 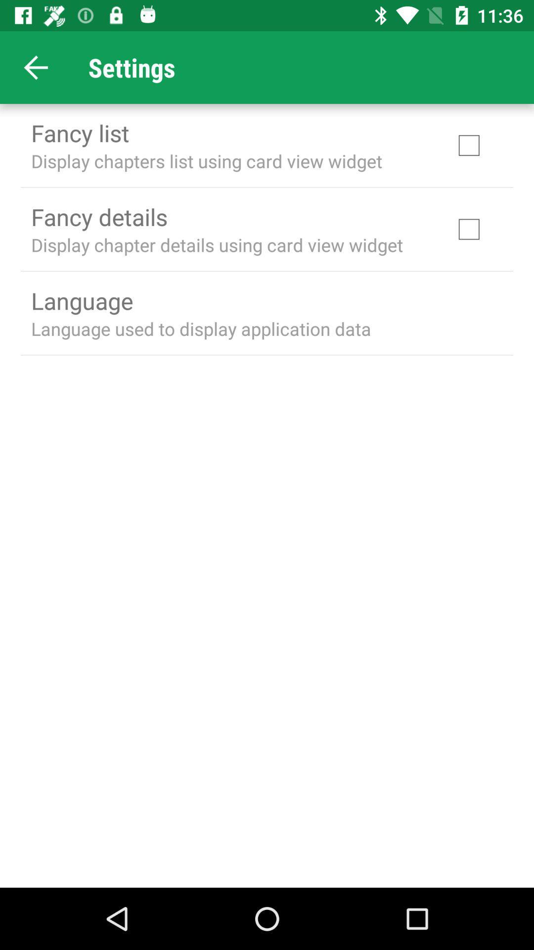 What do you see at coordinates (206, 161) in the screenshot?
I see `the item above fancy details icon` at bounding box center [206, 161].